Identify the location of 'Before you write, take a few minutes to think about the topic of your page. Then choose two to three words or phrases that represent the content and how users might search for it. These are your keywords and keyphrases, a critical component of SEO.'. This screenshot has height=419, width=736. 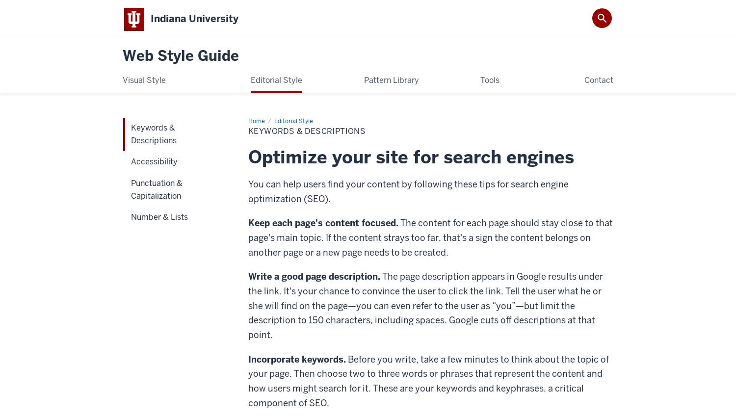
(248, 380).